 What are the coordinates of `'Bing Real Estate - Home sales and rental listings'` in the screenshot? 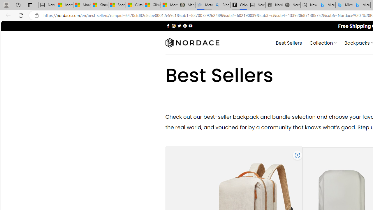 It's located at (221, 5).